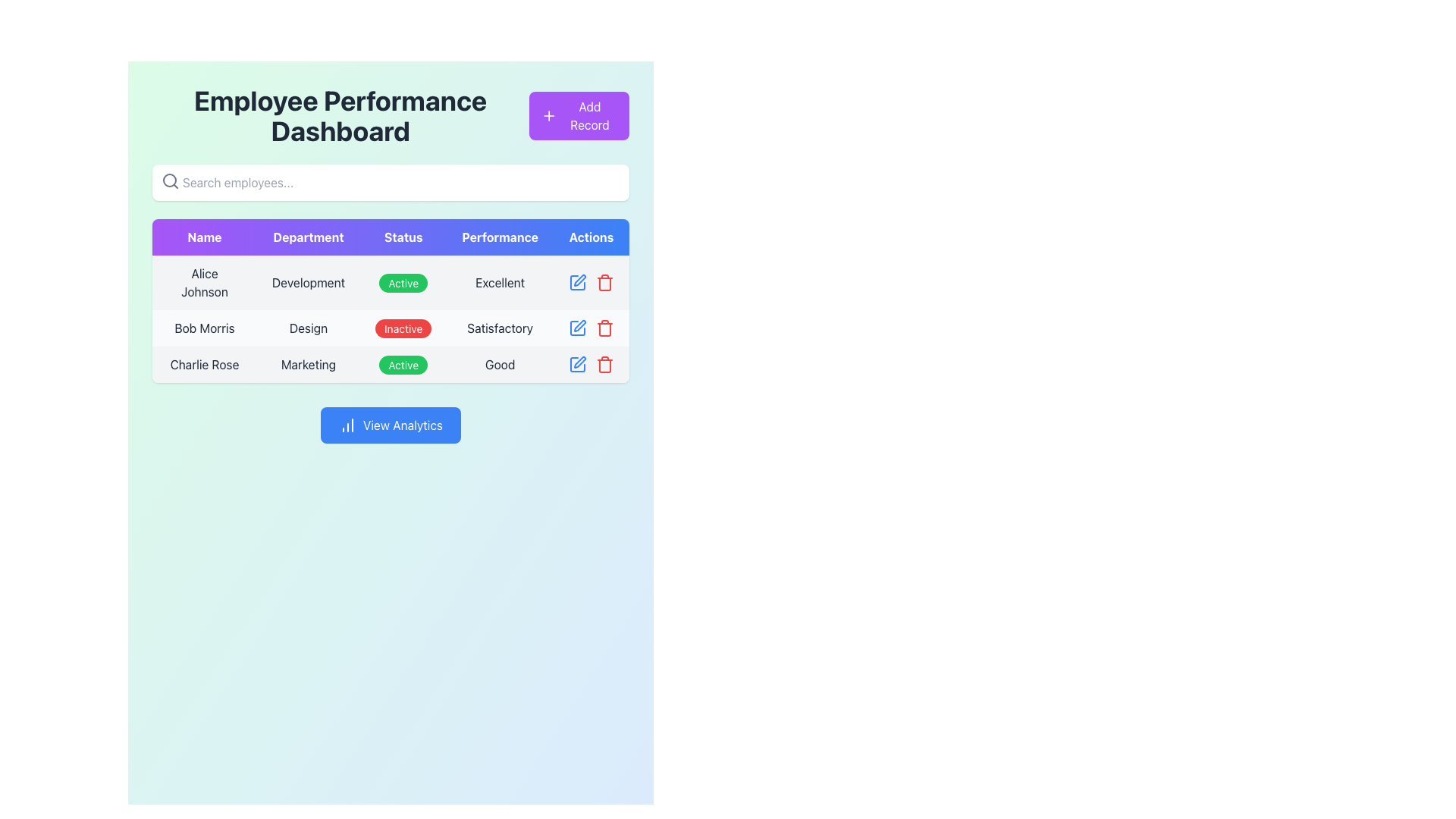 This screenshot has height=819, width=1456. I want to click on the minimalistic square-shaped button in the 'Actions' column of the Employee Performance Dashboard for Charlie Rose, so click(577, 327).